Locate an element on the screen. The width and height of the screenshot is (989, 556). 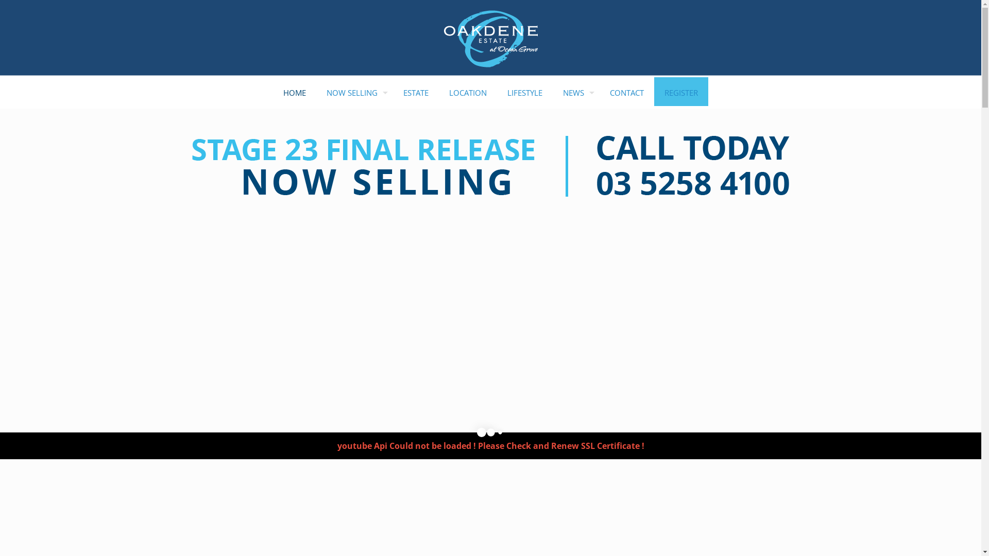
'REGISTER' is located at coordinates (681, 93).